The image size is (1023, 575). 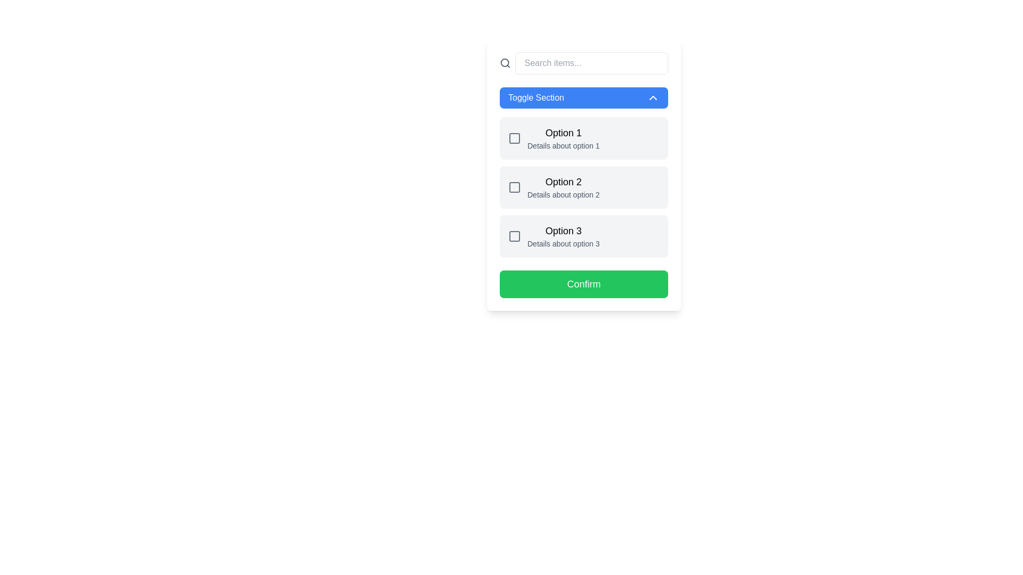 What do you see at coordinates (554, 137) in the screenshot?
I see `text of the first selectable list item with checkbox located below the 'Toggle Section'` at bounding box center [554, 137].